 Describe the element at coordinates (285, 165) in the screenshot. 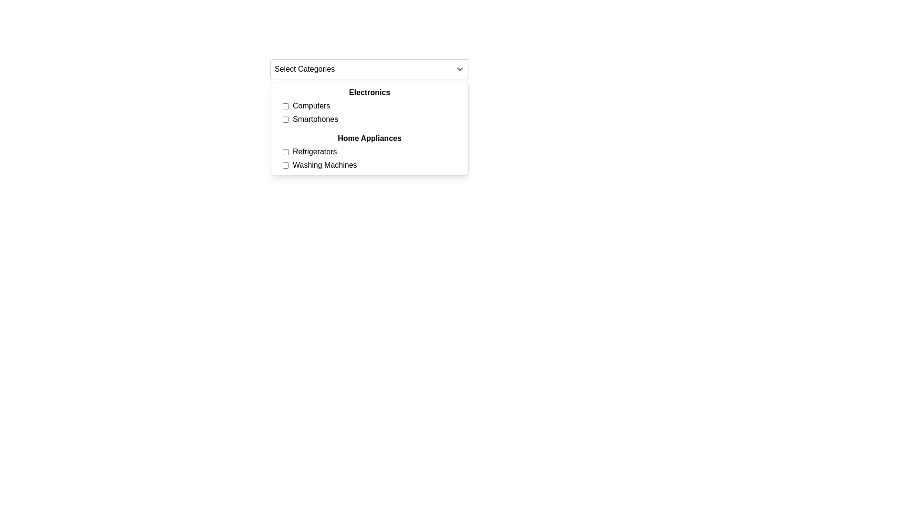

I see `the 'Washing Machines' checkbox using keyboard tab navigation` at that location.